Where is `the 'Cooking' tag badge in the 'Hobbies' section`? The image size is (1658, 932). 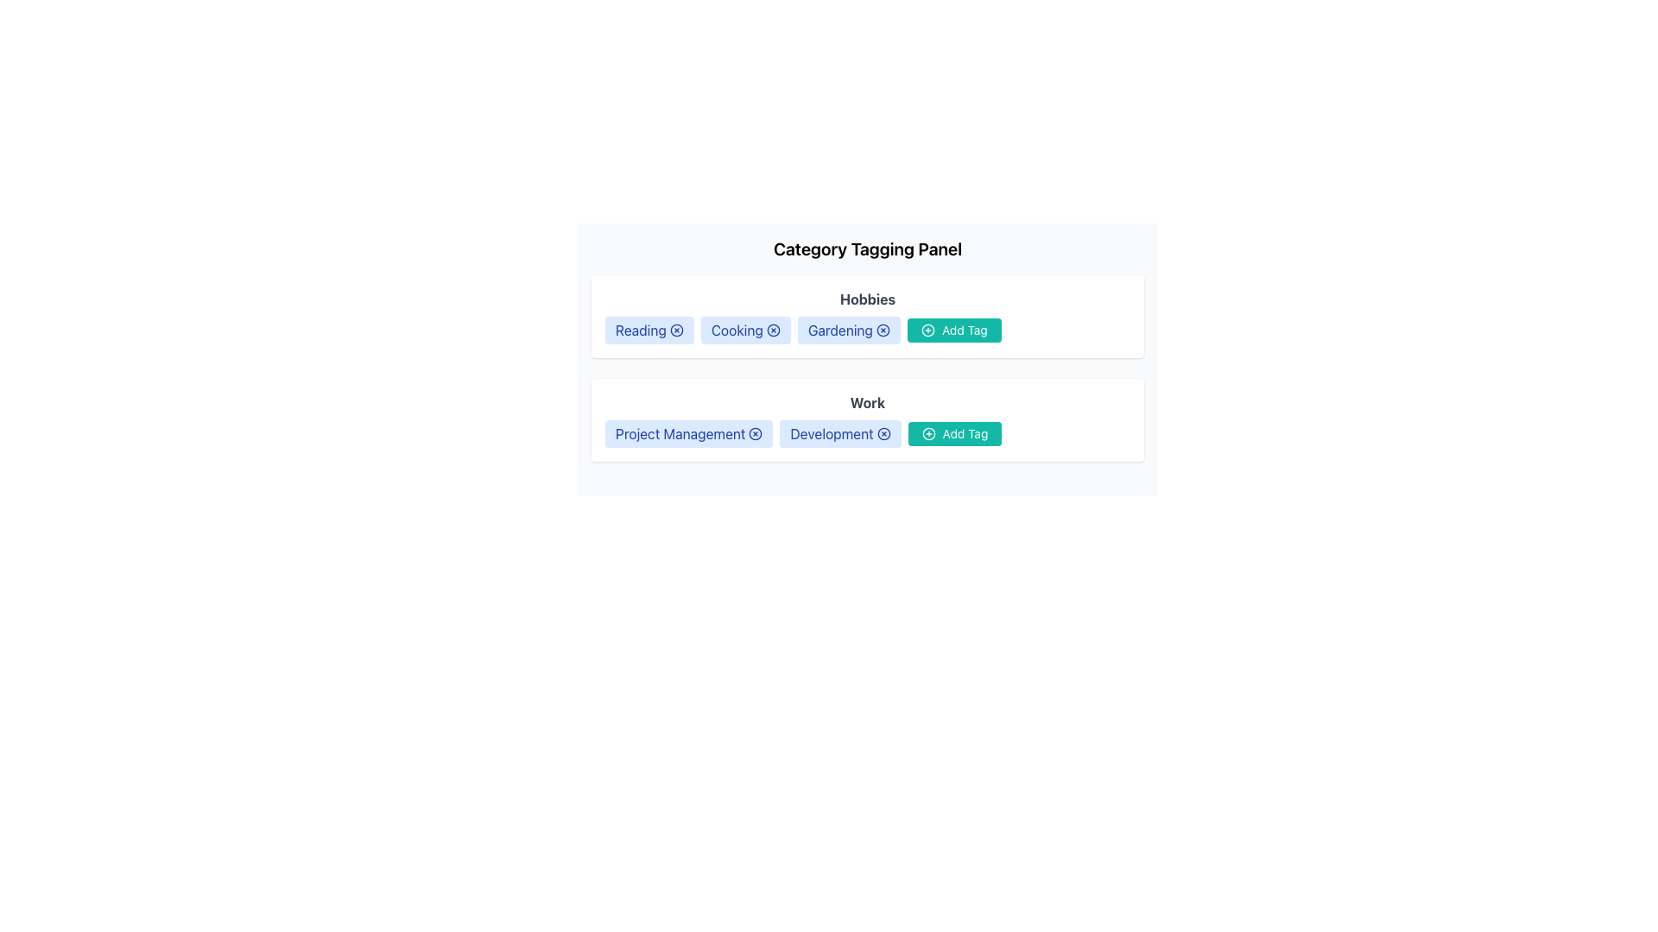
the 'Cooking' tag badge in the 'Hobbies' section is located at coordinates (745, 330).